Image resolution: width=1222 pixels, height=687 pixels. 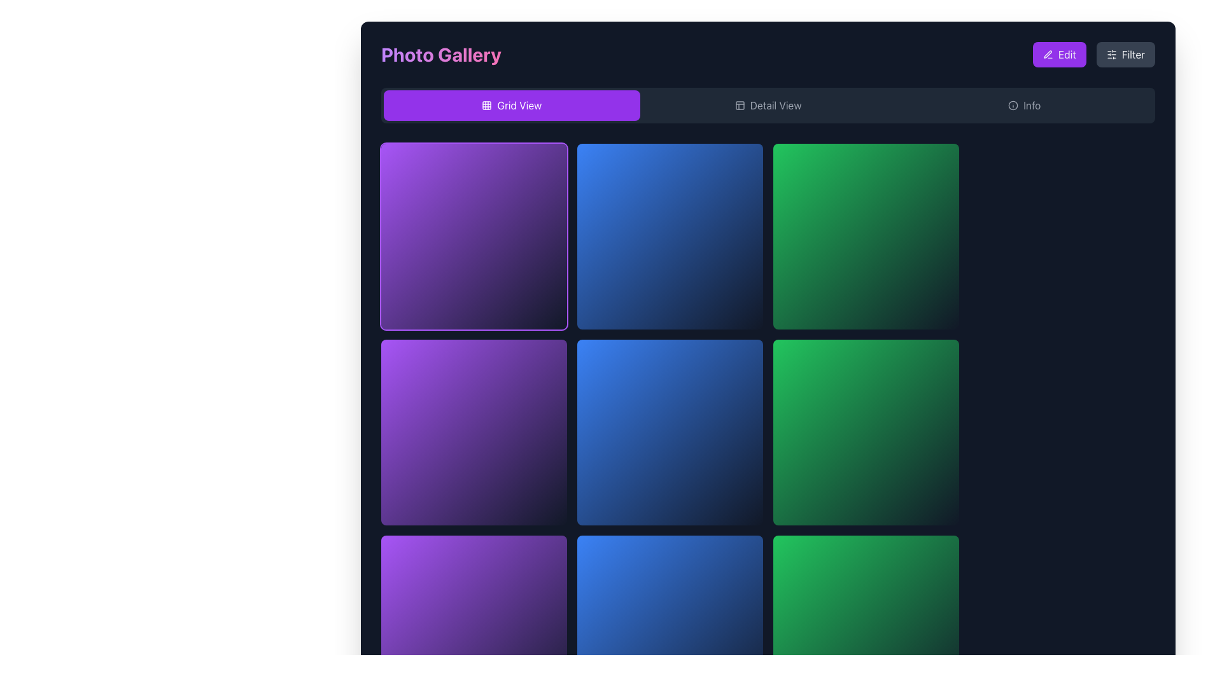 What do you see at coordinates (1125, 53) in the screenshot?
I see `the filter settings button located at the top-right corner of the interface, adjacent to the 'Edit' button` at bounding box center [1125, 53].